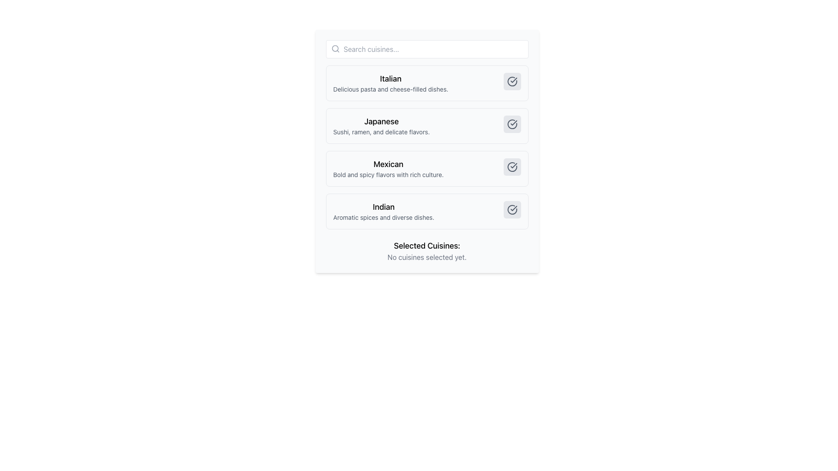  Describe the element at coordinates (381, 132) in the screenshot. I see `the static text element stating 'Sushi, ramen, and delicate flavors' located below the 'Japanese' heading` at that location.